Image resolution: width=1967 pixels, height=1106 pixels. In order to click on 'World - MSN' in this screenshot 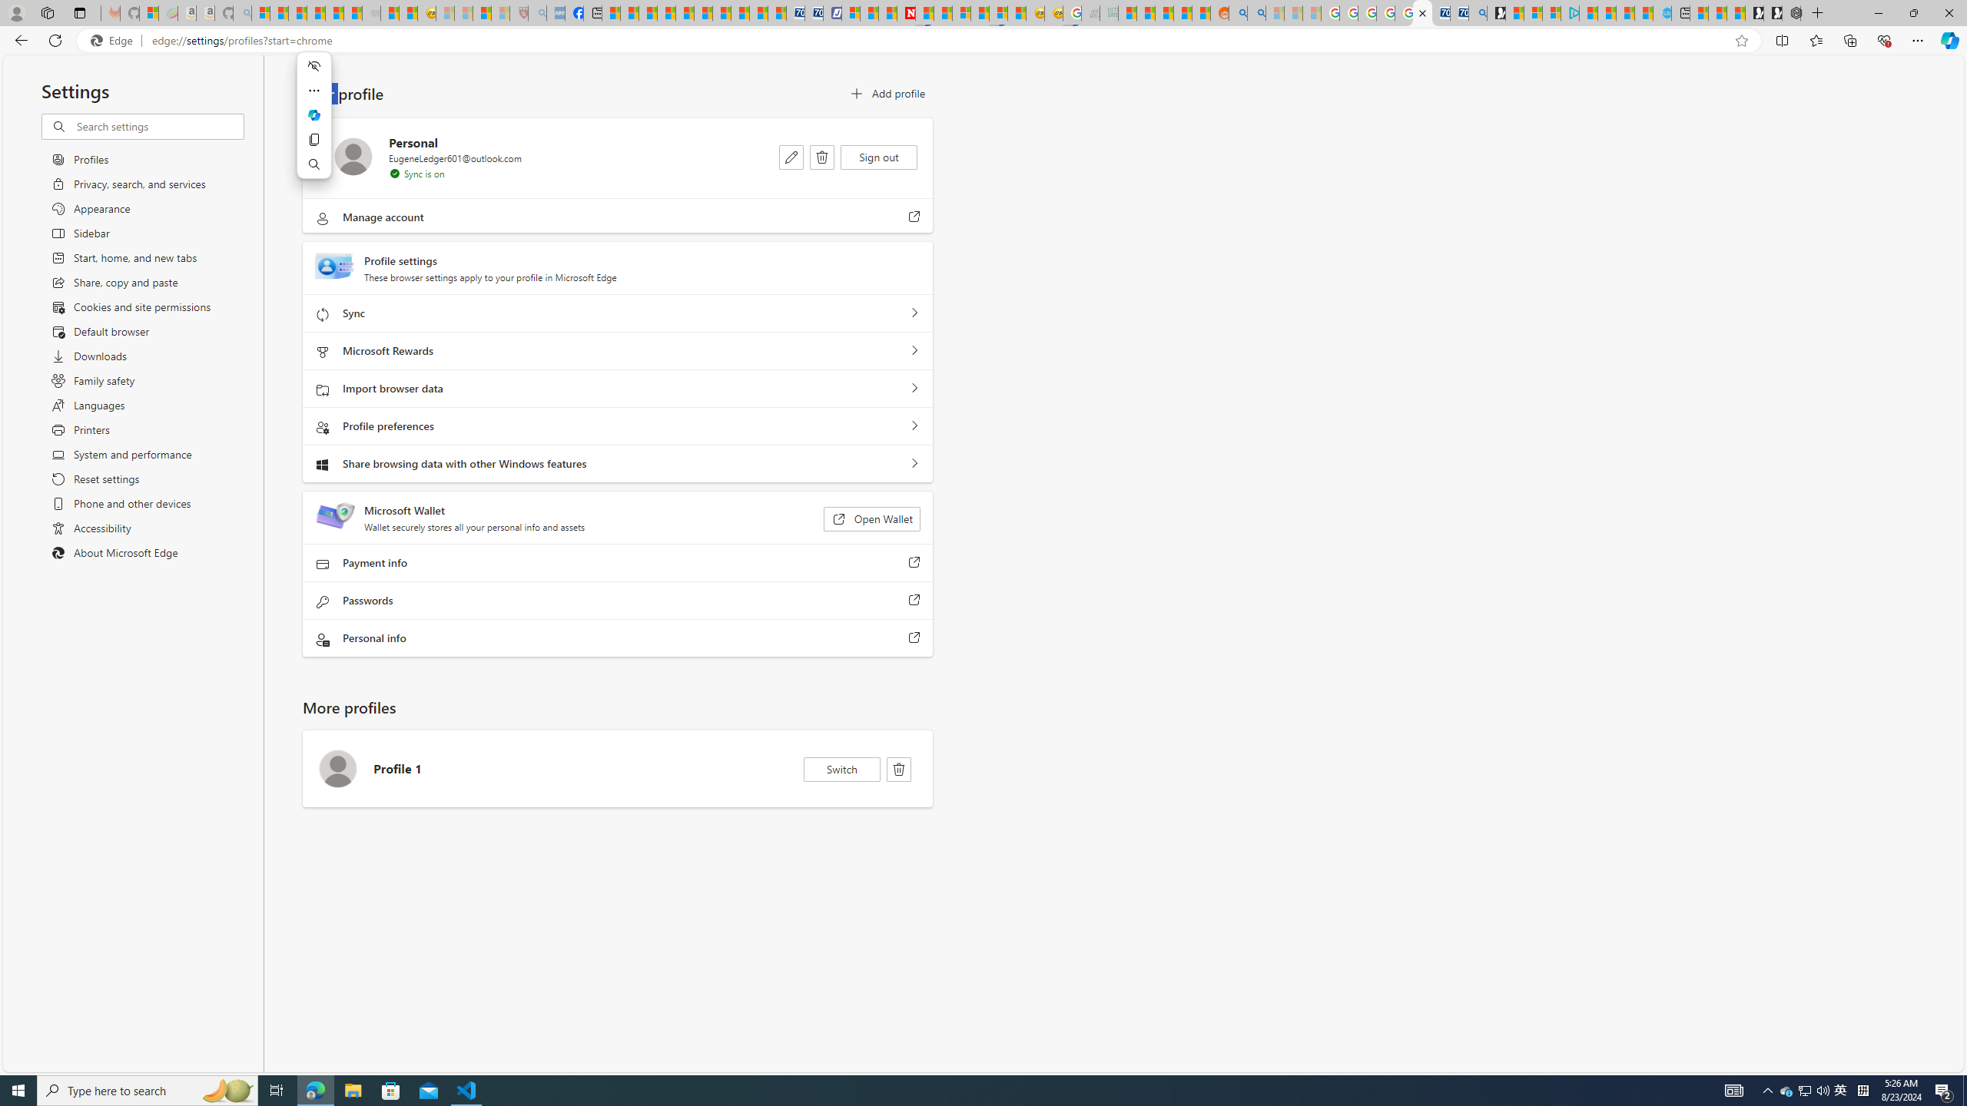, I will do `click(648, 12)`.